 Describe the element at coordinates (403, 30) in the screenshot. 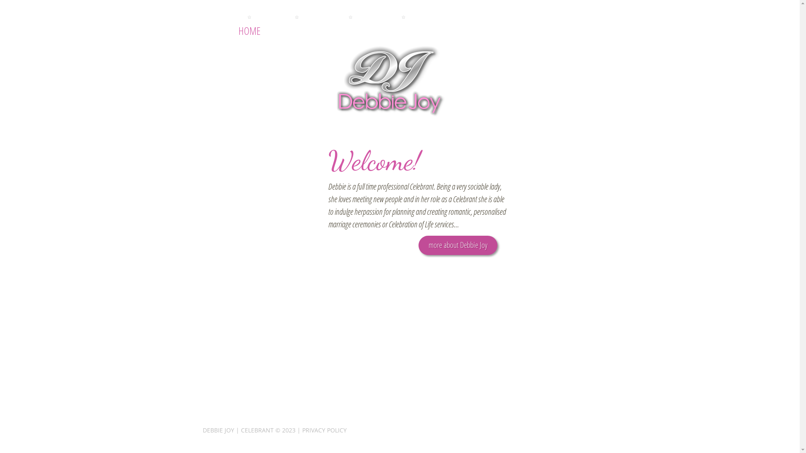

I see `'ENQUIRIES'` at that location.